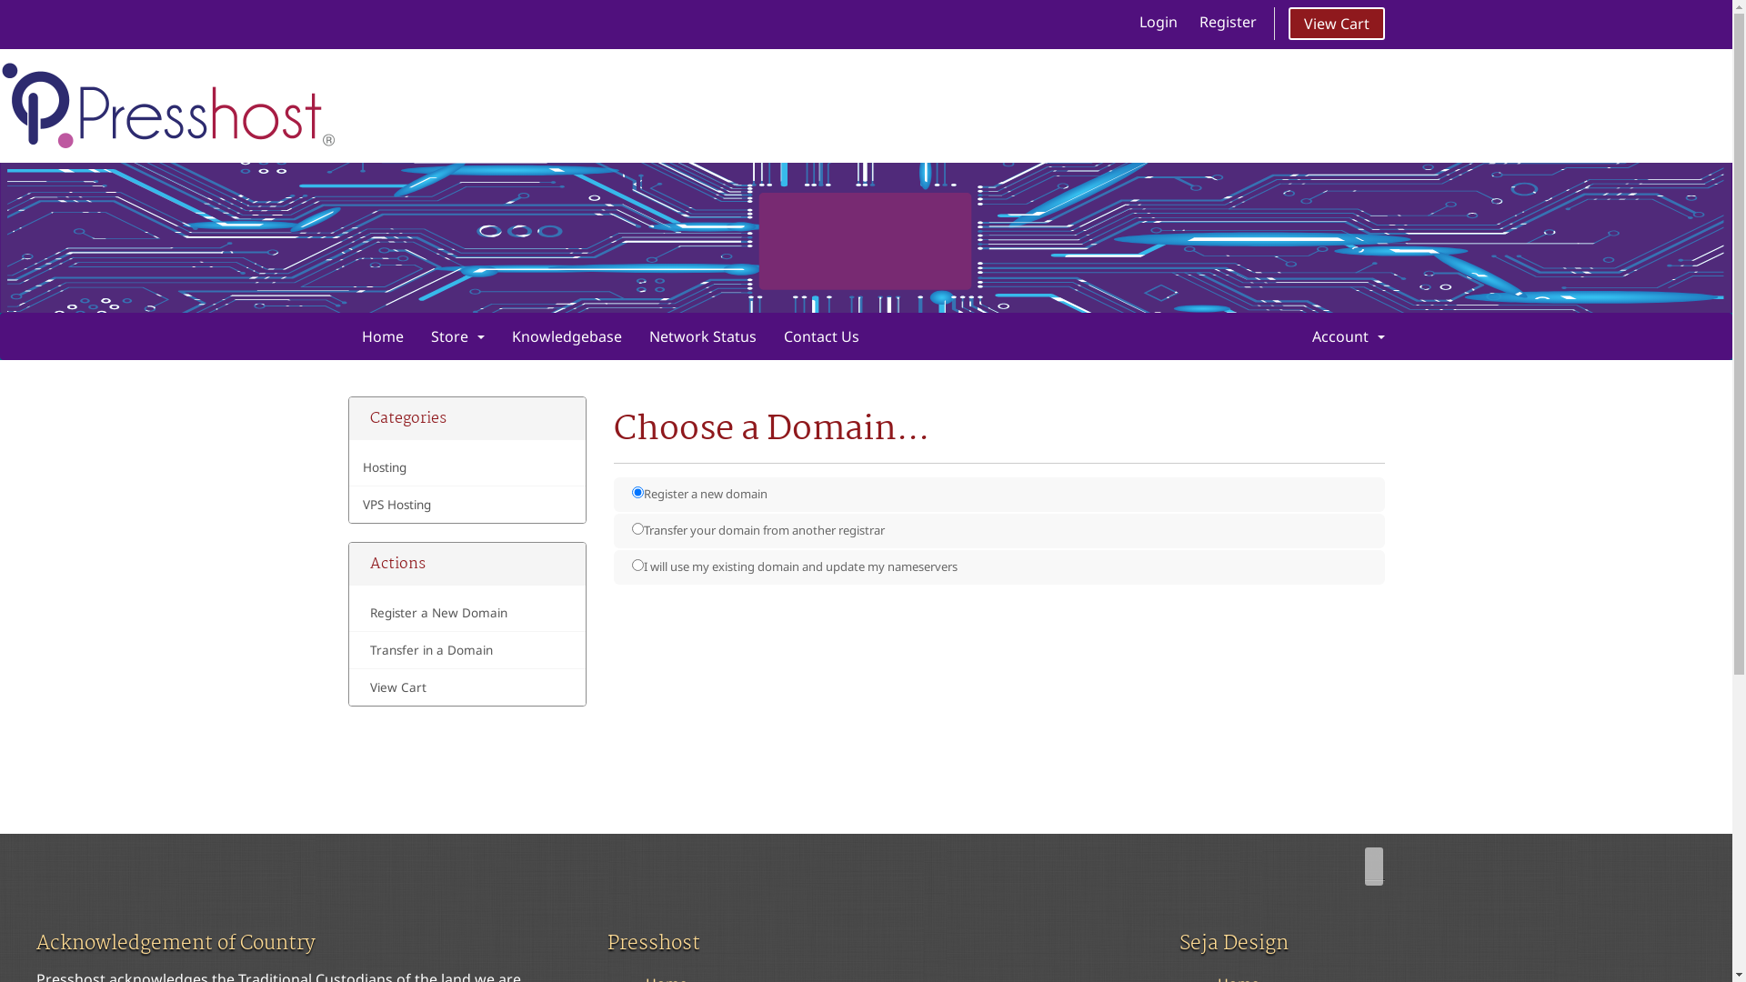 This screenshot has height=982, width=1746. What do you see at coordinates (1373, 866) in the screenshot?
I see `'back to top'` at bounding box center [1373, 866].